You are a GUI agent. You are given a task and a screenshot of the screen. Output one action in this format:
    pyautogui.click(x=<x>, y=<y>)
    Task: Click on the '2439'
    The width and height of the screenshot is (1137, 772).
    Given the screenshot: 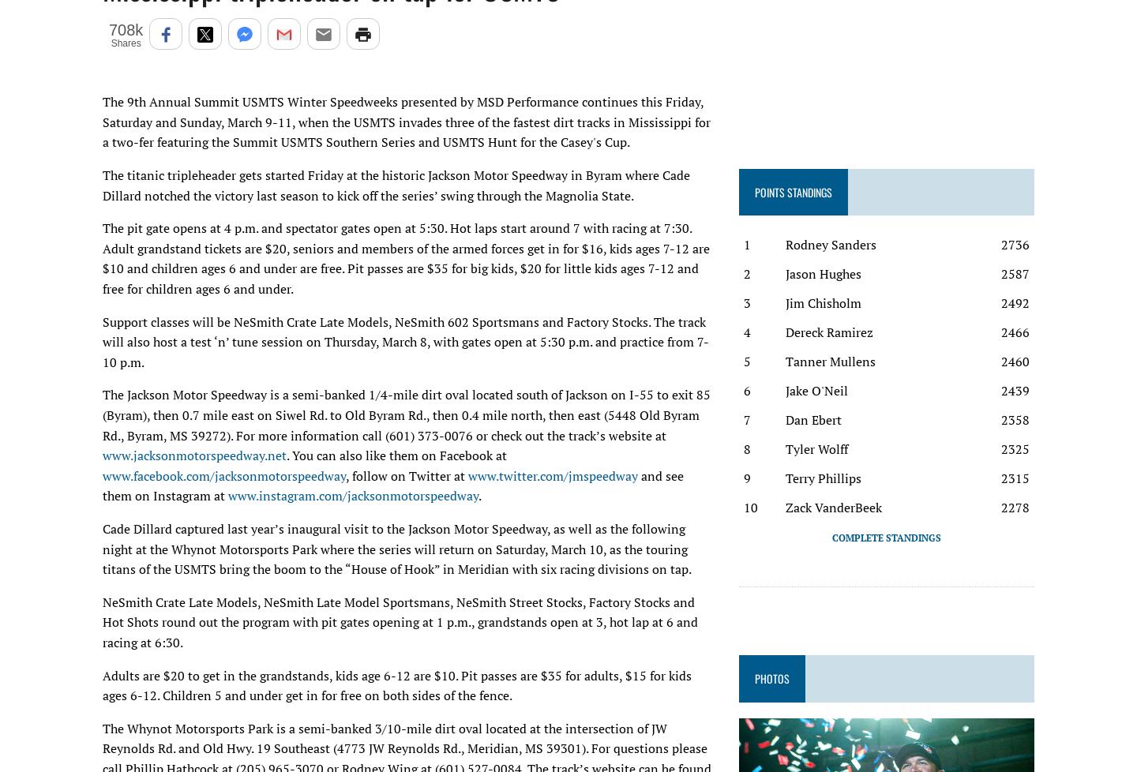 What is the action you would take?
    pyautogui.click(x=1000, y=390)
    